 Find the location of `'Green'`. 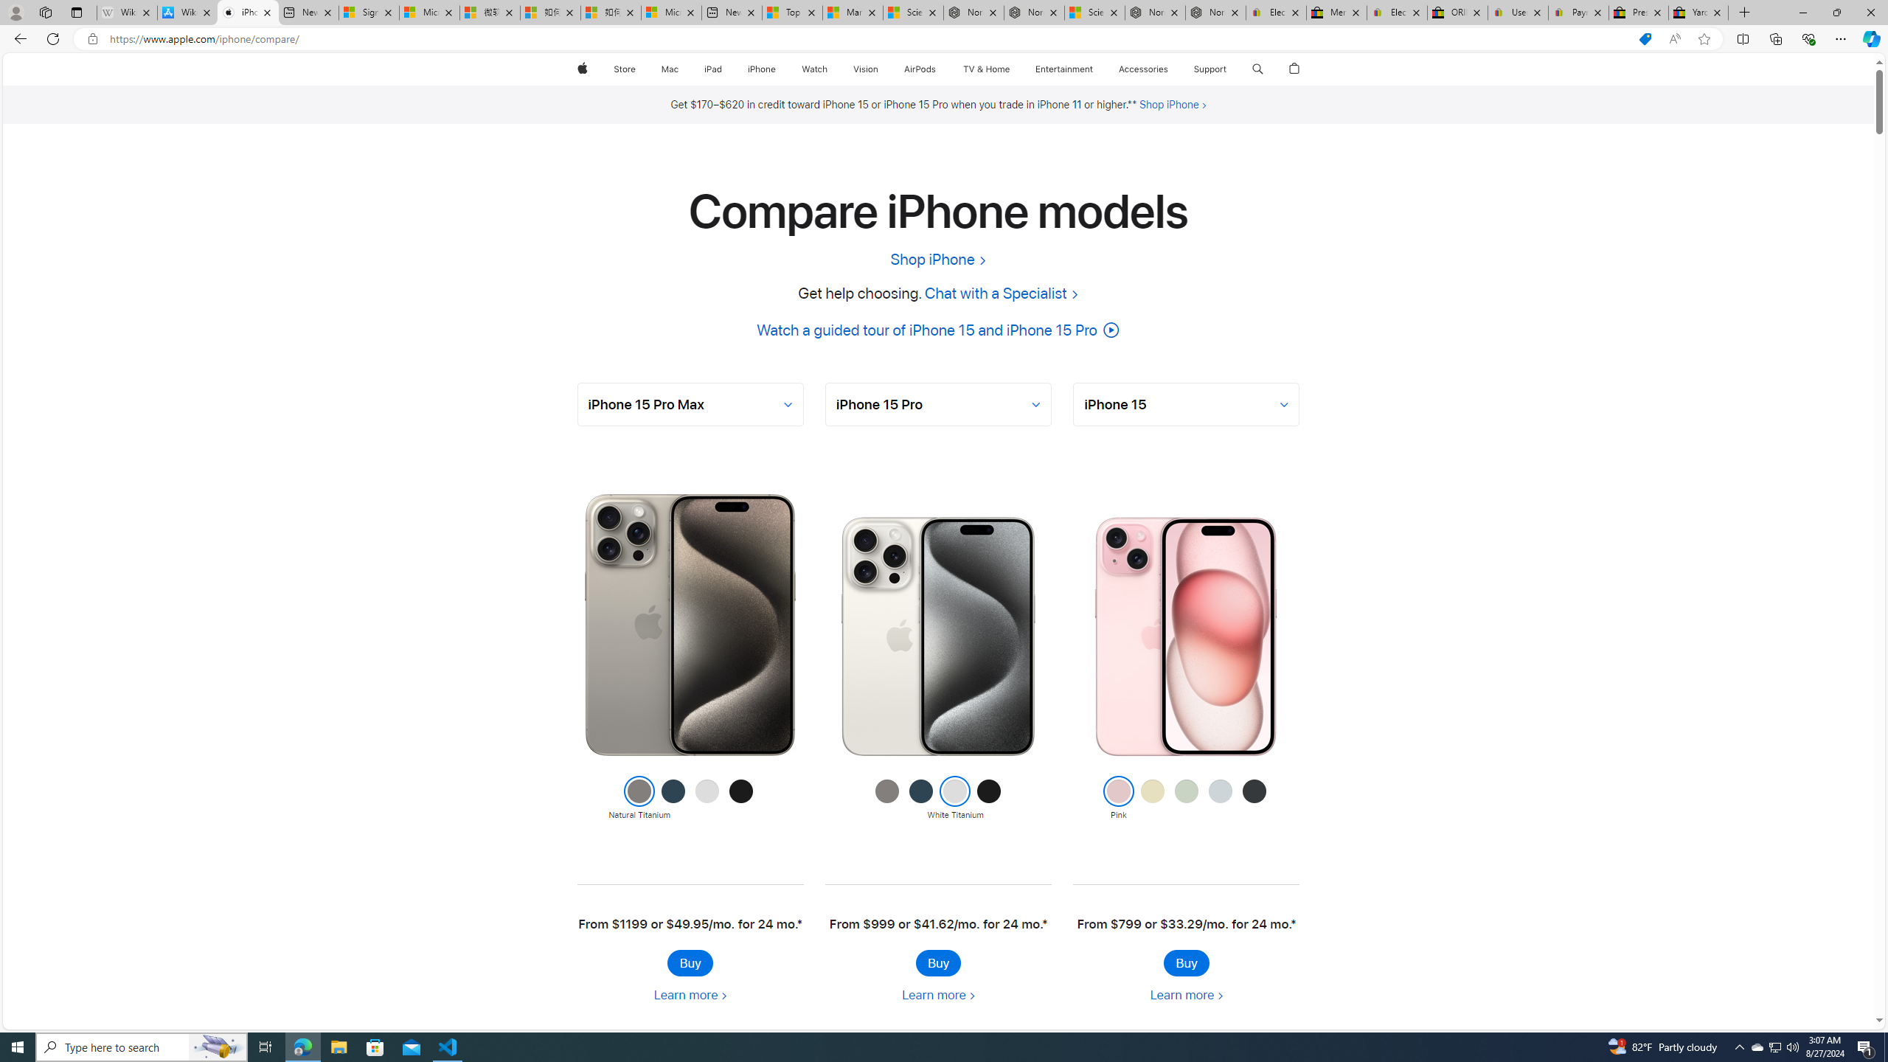

'Green' is located at coordinates (1185, 799).